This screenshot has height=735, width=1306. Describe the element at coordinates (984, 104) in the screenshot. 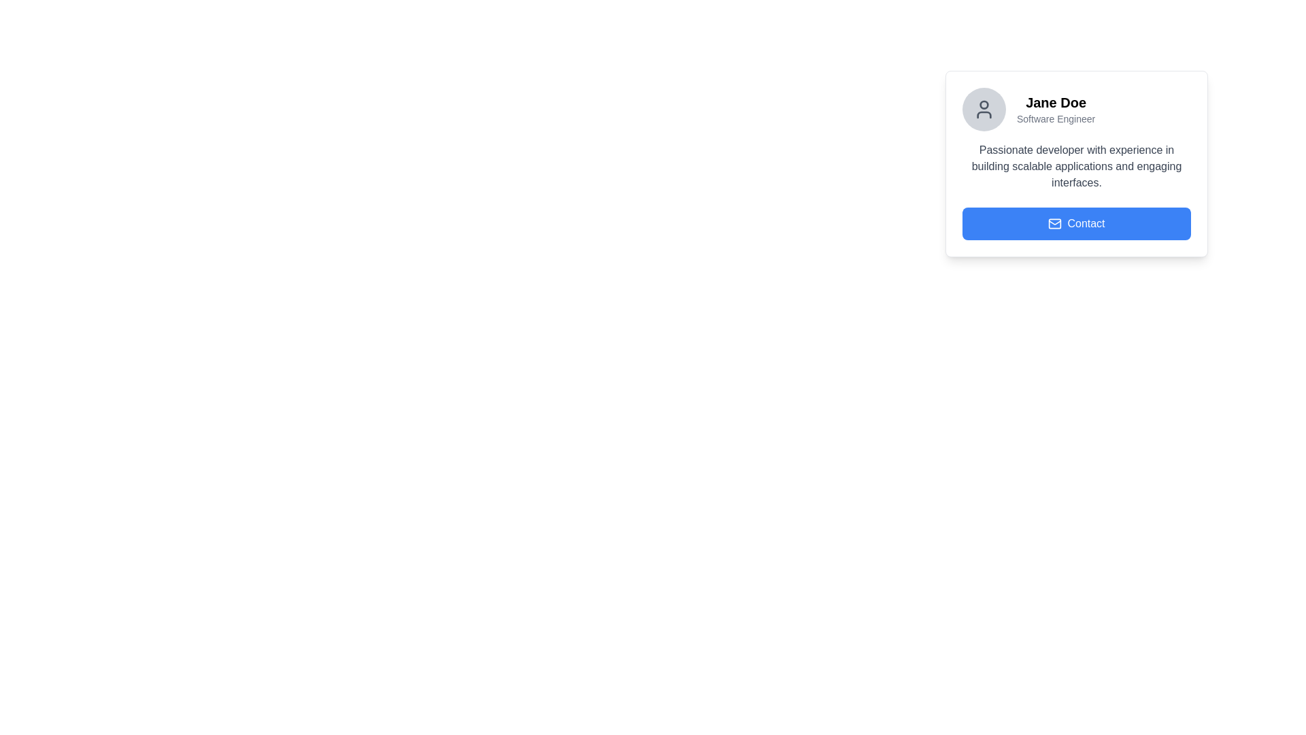

I see `the circular element representing the user's profile picture within the user profile icon located near the top-left of the profile card` at that location.